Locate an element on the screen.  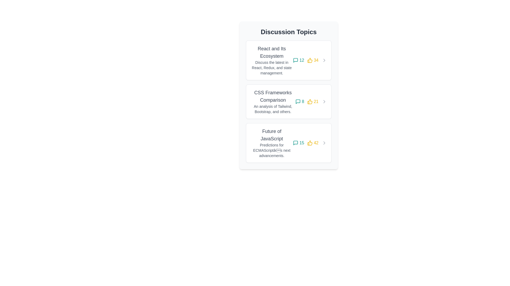
the Activity summary indicator and navigation link, which includes a teal speech bubble icon, the number '8' in teal, a yellow thumbs-up icon, the number '21' in yellow, and a faint gray chevron pointing to the right, located near the top center of the 'CSS Frameworks Comparison' discussion topic is located at coordinates (311, 102).